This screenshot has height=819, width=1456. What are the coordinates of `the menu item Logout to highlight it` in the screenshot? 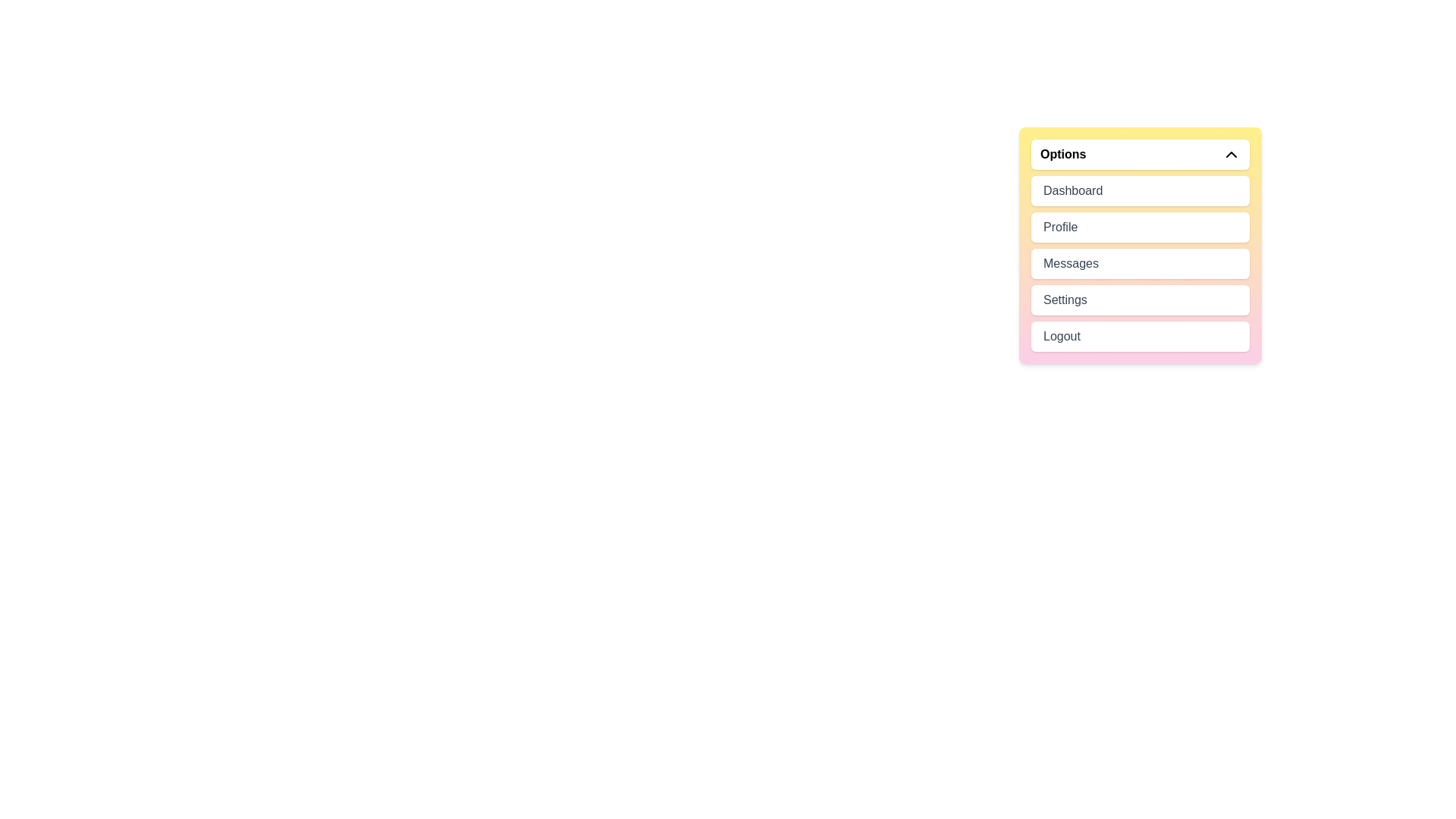 It's located at (1140, 335).